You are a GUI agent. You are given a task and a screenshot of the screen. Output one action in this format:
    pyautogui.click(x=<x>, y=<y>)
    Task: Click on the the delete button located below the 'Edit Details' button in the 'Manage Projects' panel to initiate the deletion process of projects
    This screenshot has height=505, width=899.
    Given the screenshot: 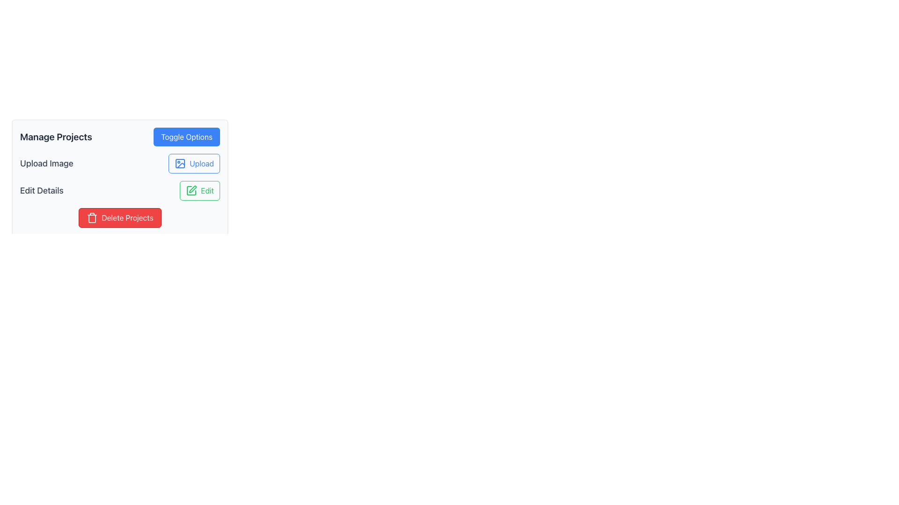 What is the action you would take?
    pyautogui.click(x=119, y=218)
    